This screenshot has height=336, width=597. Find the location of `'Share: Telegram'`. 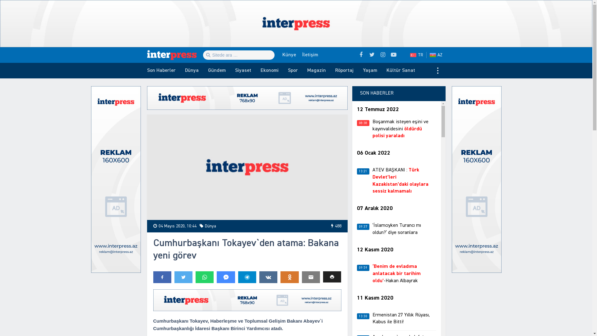

'Share: Telegram' is located at coordinates (238, 277).